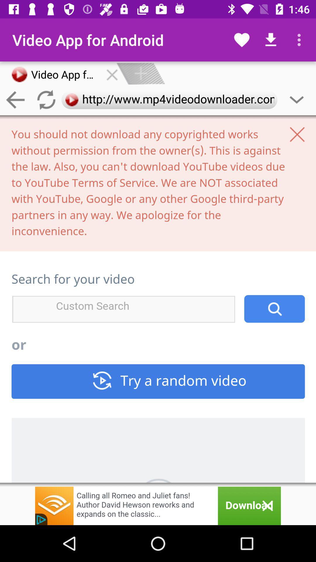 The image size is (316, 562). I want to click on the expand_more icon, so click(297, 100).